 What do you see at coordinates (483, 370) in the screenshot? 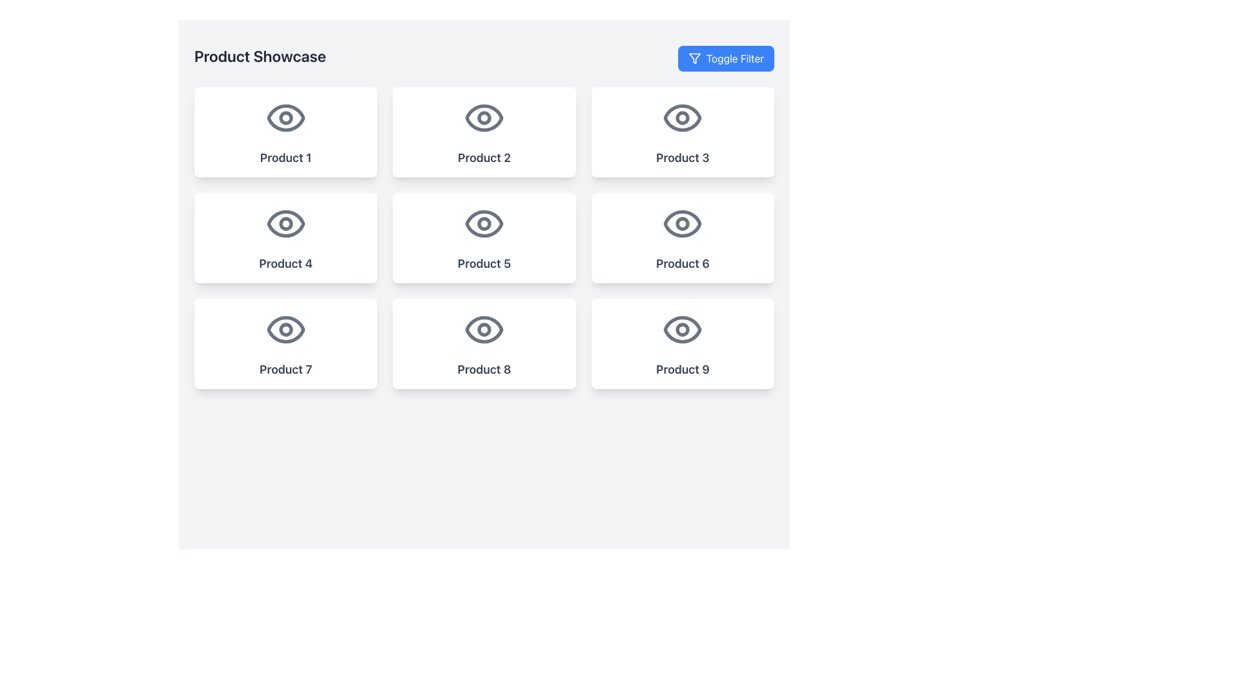
I see `the text label reading 'Product 8' located in the bottom central card of a 3x3 grid layout, specifically the second card in the last row, beneath an eye-shaped icon` at bounding box center [483, 370].